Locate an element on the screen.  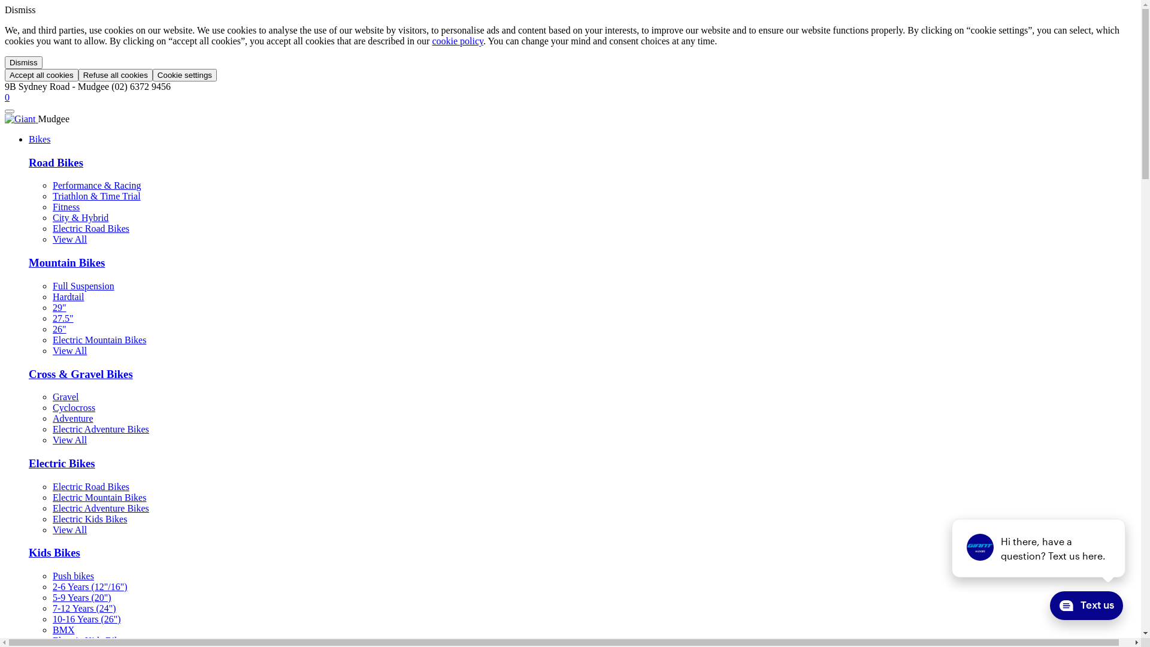
'Adventure' is located at coordinates (72, 418).